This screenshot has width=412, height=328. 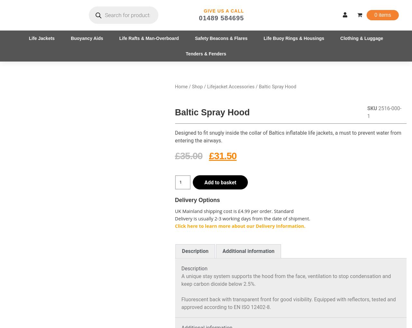 I want to click on 'Lifejacket Accessories', so click(x=230, y=86).